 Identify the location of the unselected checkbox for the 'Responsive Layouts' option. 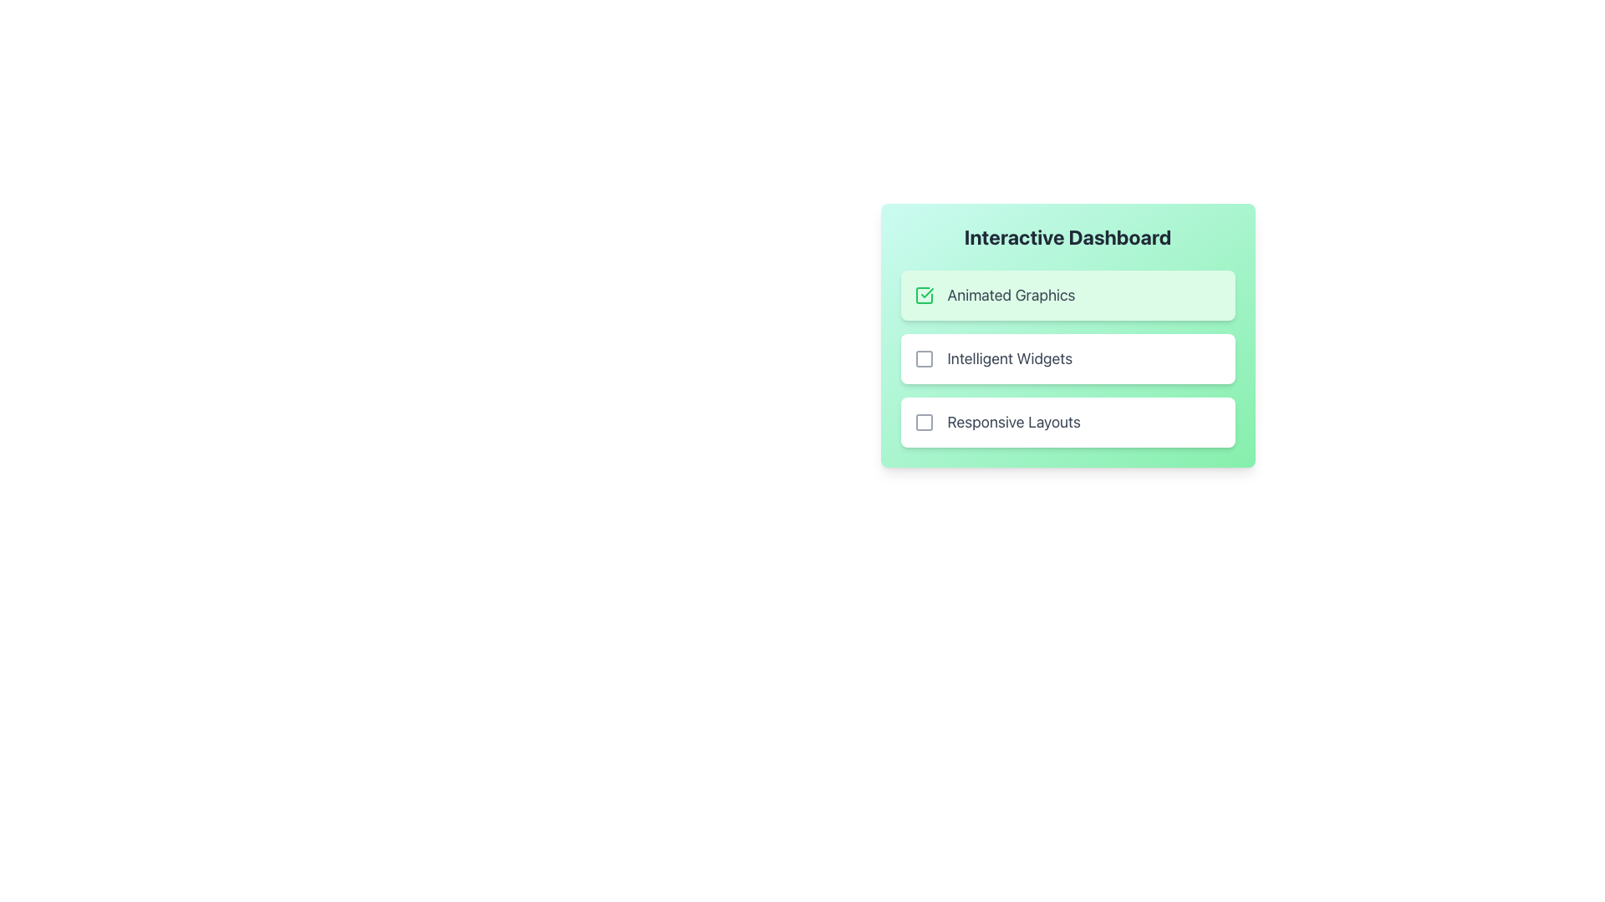
(923, 421).